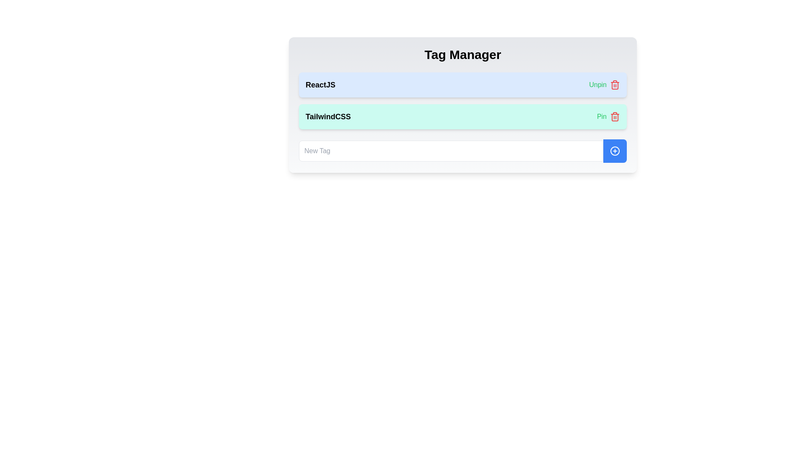 This screenshot has height=452, width=805. Describe the element at coordinates (615, 116) in the screenshot. I see `the delete Icon button located on the right side of the second row in the list, aligned with the green 'Pin' button` at that location.